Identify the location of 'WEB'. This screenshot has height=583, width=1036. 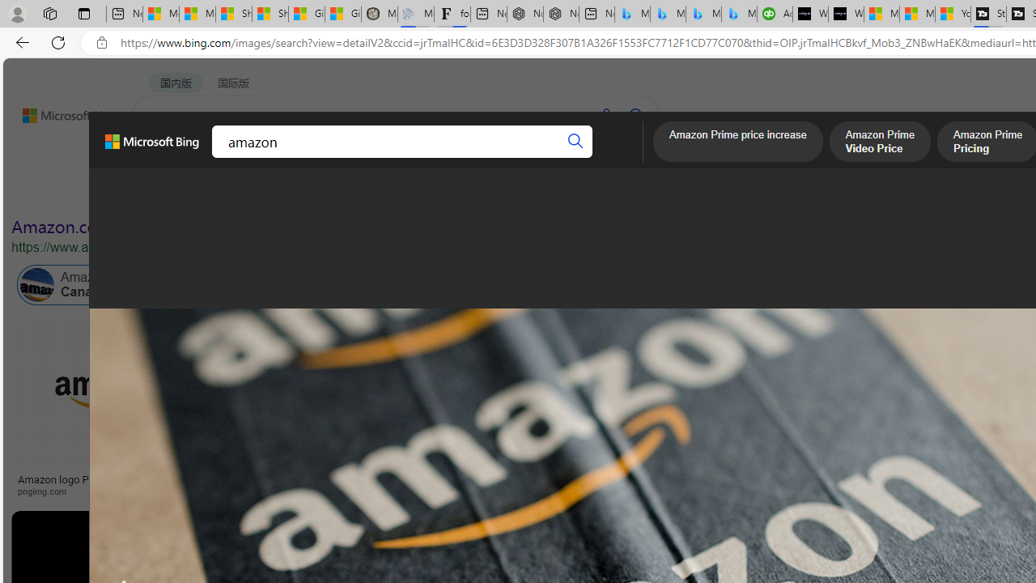
(163, 158).